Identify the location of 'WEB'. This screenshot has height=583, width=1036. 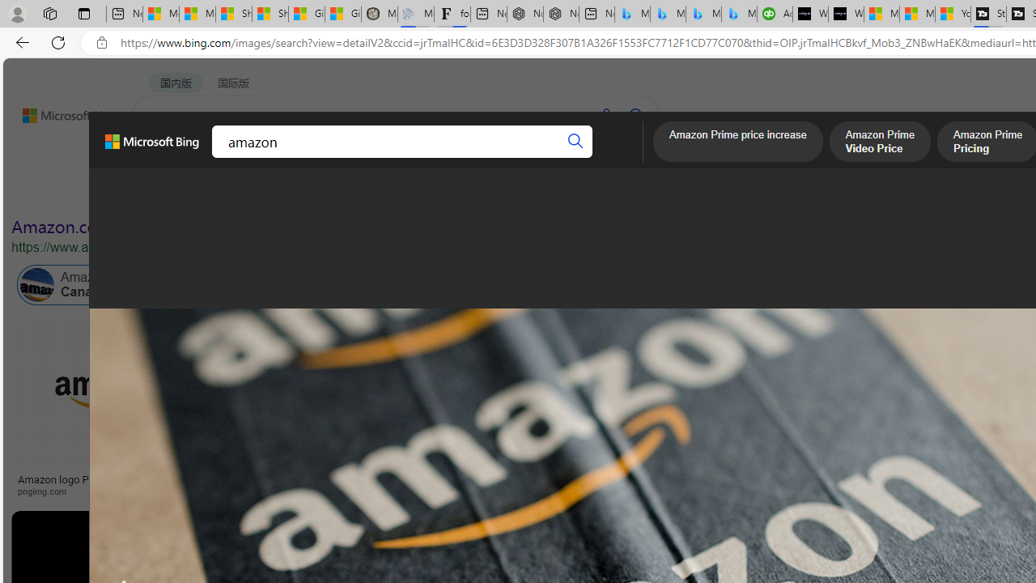
(163, 158).